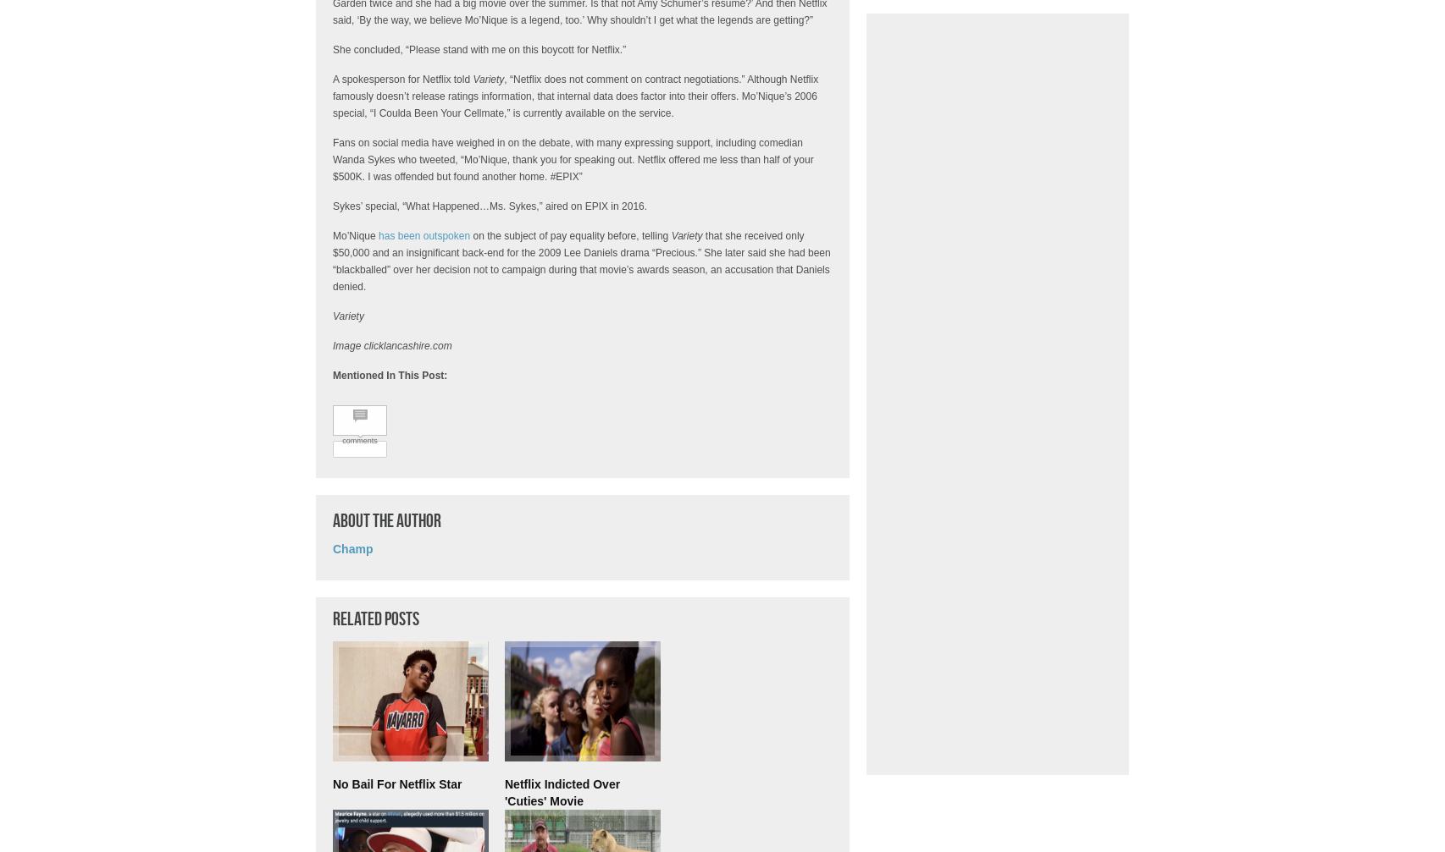 The height and width of the screenshot is (852, 1445). Describe the element at coordinates (479, 50) in the screenshot. I see `'She concluded, “Please stand with me on this boycott for Netflix.”'` at that location.